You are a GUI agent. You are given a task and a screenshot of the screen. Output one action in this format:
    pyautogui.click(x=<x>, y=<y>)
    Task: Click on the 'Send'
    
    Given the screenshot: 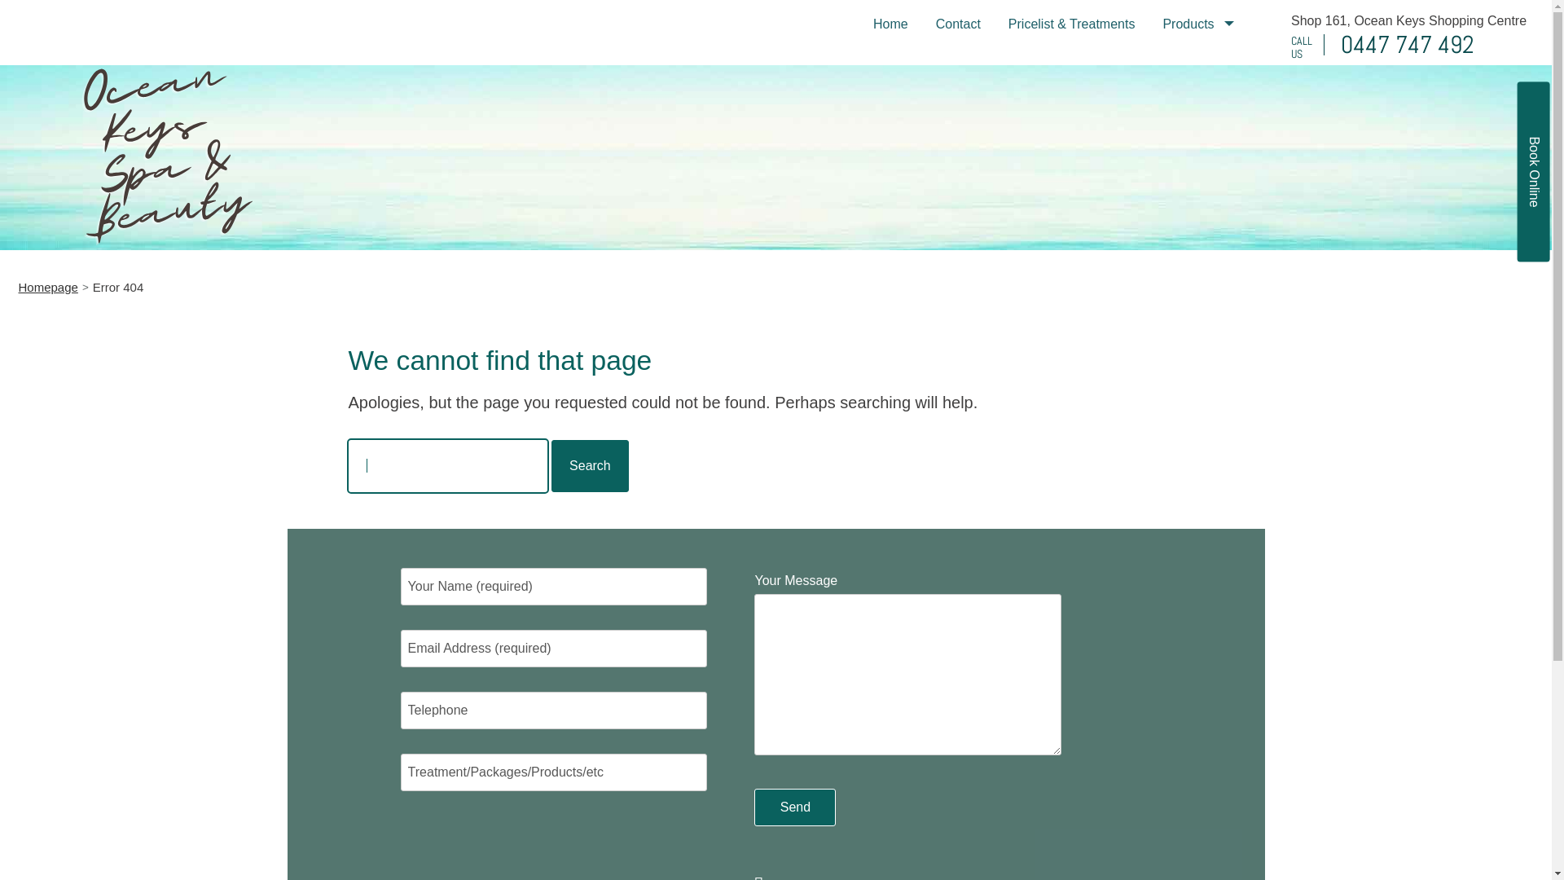 What is the action you would take?
    pyautogui.click(x=794, y=807)
    